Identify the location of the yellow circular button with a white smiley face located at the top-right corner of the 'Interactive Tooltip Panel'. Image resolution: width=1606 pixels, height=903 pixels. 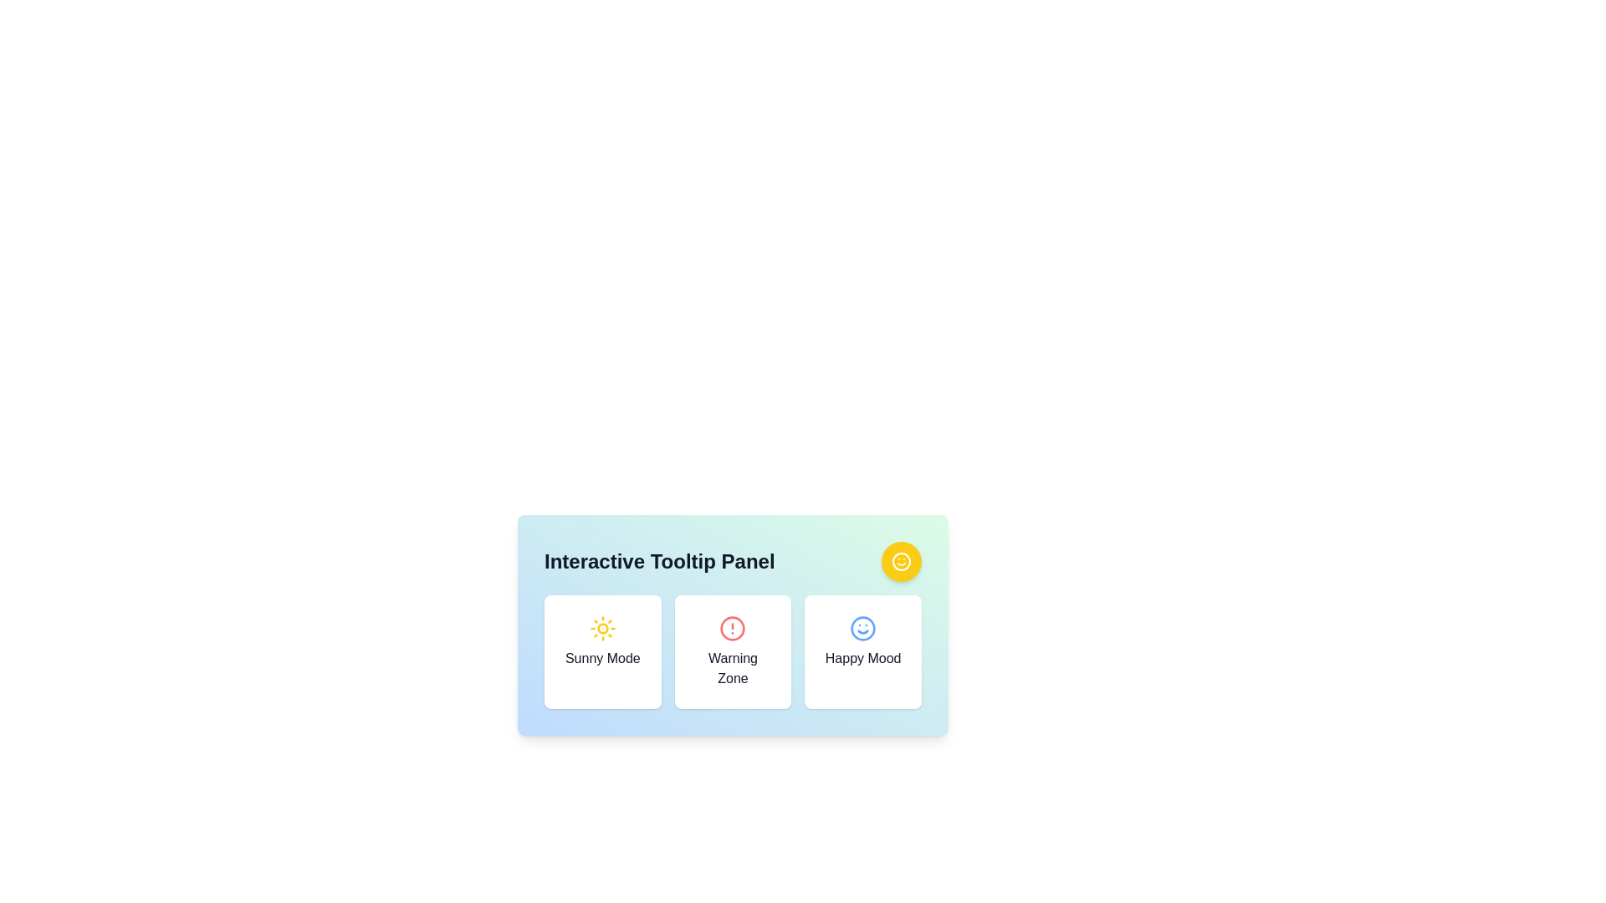
(901, 561).